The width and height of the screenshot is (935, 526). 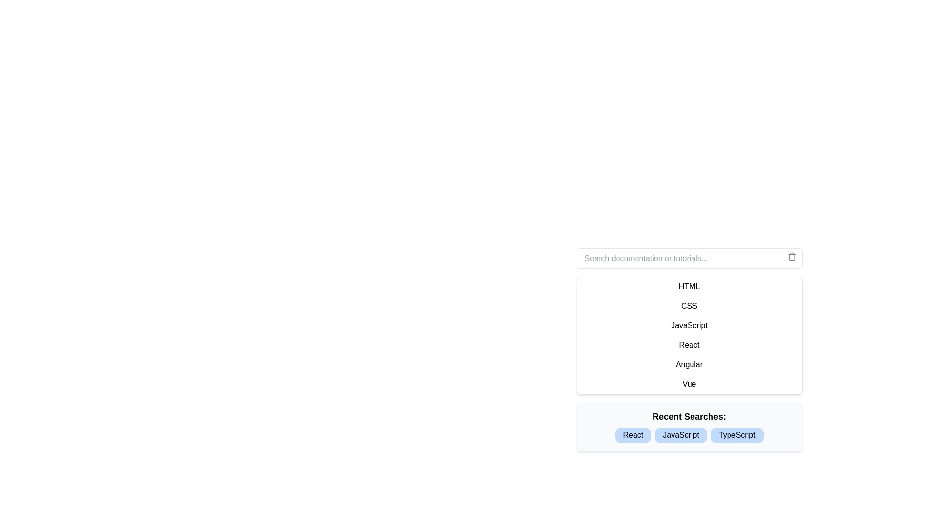 I want to click on the 'CSS' text button in the dropdown list, which is styled with a minimalist font and has a hover effect that changes the background to light blue, so click(x=689, y=305).